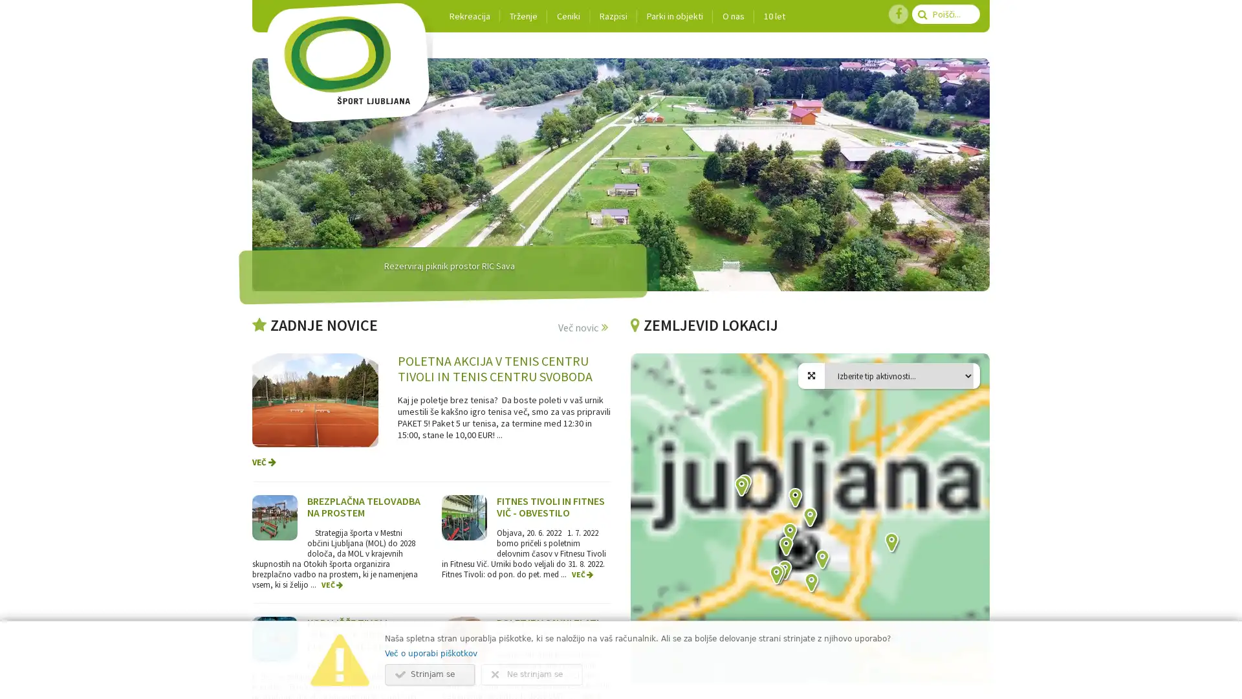 Image resolution: width=1242 pixels, height=699 pixels. What do you see at coordinates (778, 574) in the screenshot?
I see `Kako do nas?` at bounding box center [778, 574].